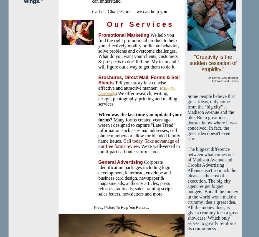 Image resolution: width=259 pixels, height=237 pixels. I want to click on 'The biggest difference between what comes out of Madison Avenue and Crooks Advertising Alliance isn't so much the ideas, as the cost of execution. The big city agencies get bigger budgets. But all the money in the world won't make a crummy idea a great idea. All the money does, is give a crummy idea a great showcase. Which only serves to greatly reinforce its crumminess.', so click(213, 188).